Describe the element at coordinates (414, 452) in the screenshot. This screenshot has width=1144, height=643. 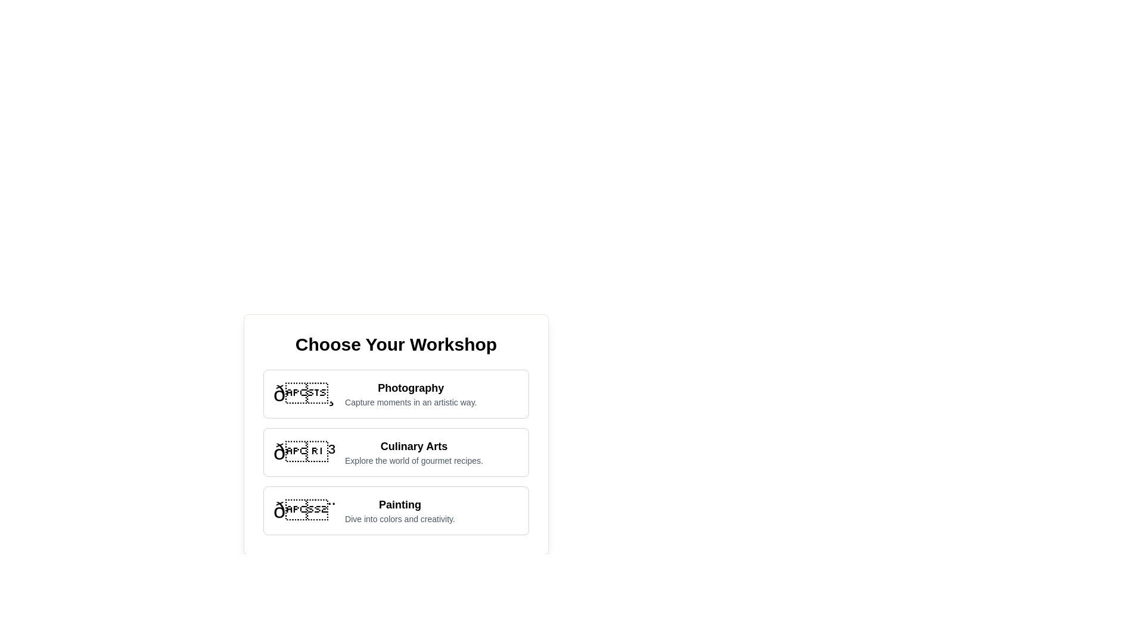
I see `the 'Culinary Arts' text block, which is a two-line textual component with the first line in bold and larger font, and the second line in smaller gray font` at that location.